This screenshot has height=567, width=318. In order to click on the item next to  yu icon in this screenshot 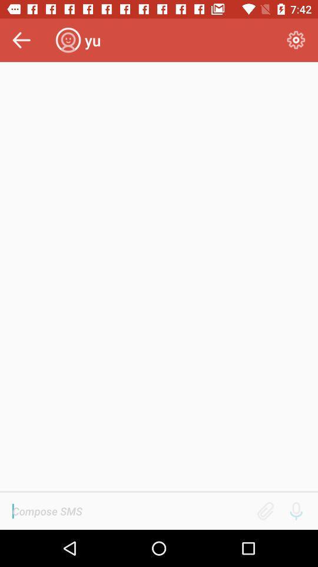, I will do `click(296, 40)`.